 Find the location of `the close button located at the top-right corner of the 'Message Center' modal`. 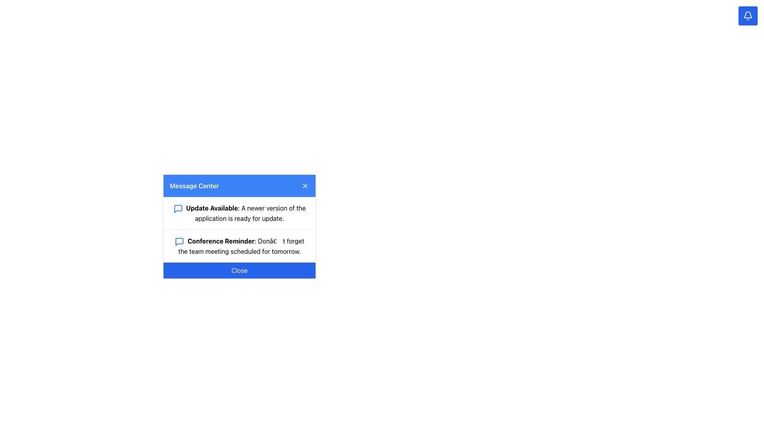

the close button located at the top-right corner of the 'Message Center' modal is located at coordinates (305, 186).